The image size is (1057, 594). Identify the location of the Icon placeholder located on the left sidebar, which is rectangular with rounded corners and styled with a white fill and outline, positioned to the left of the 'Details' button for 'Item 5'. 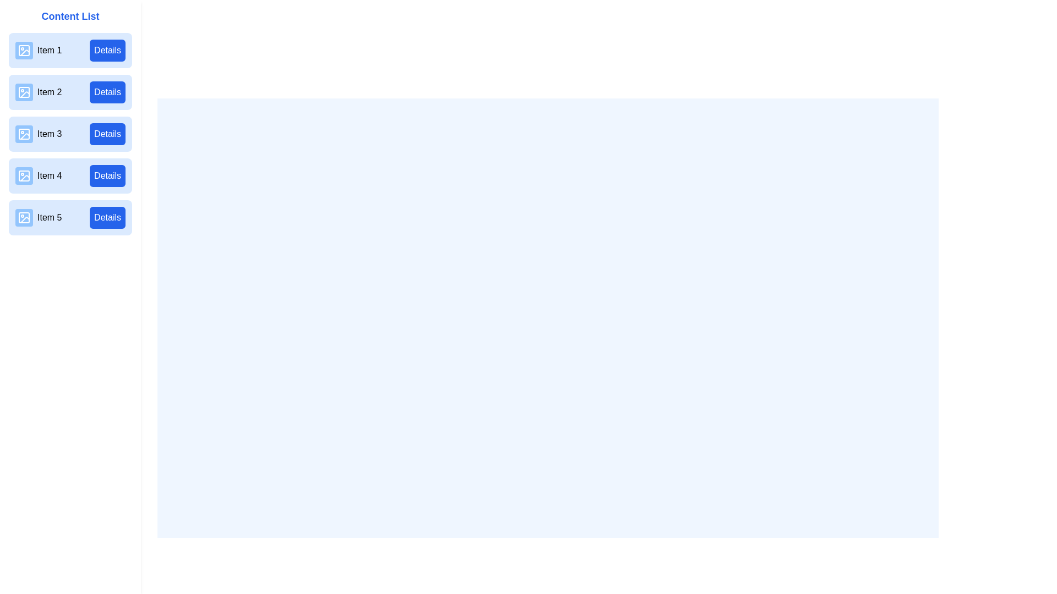
(24, 218).